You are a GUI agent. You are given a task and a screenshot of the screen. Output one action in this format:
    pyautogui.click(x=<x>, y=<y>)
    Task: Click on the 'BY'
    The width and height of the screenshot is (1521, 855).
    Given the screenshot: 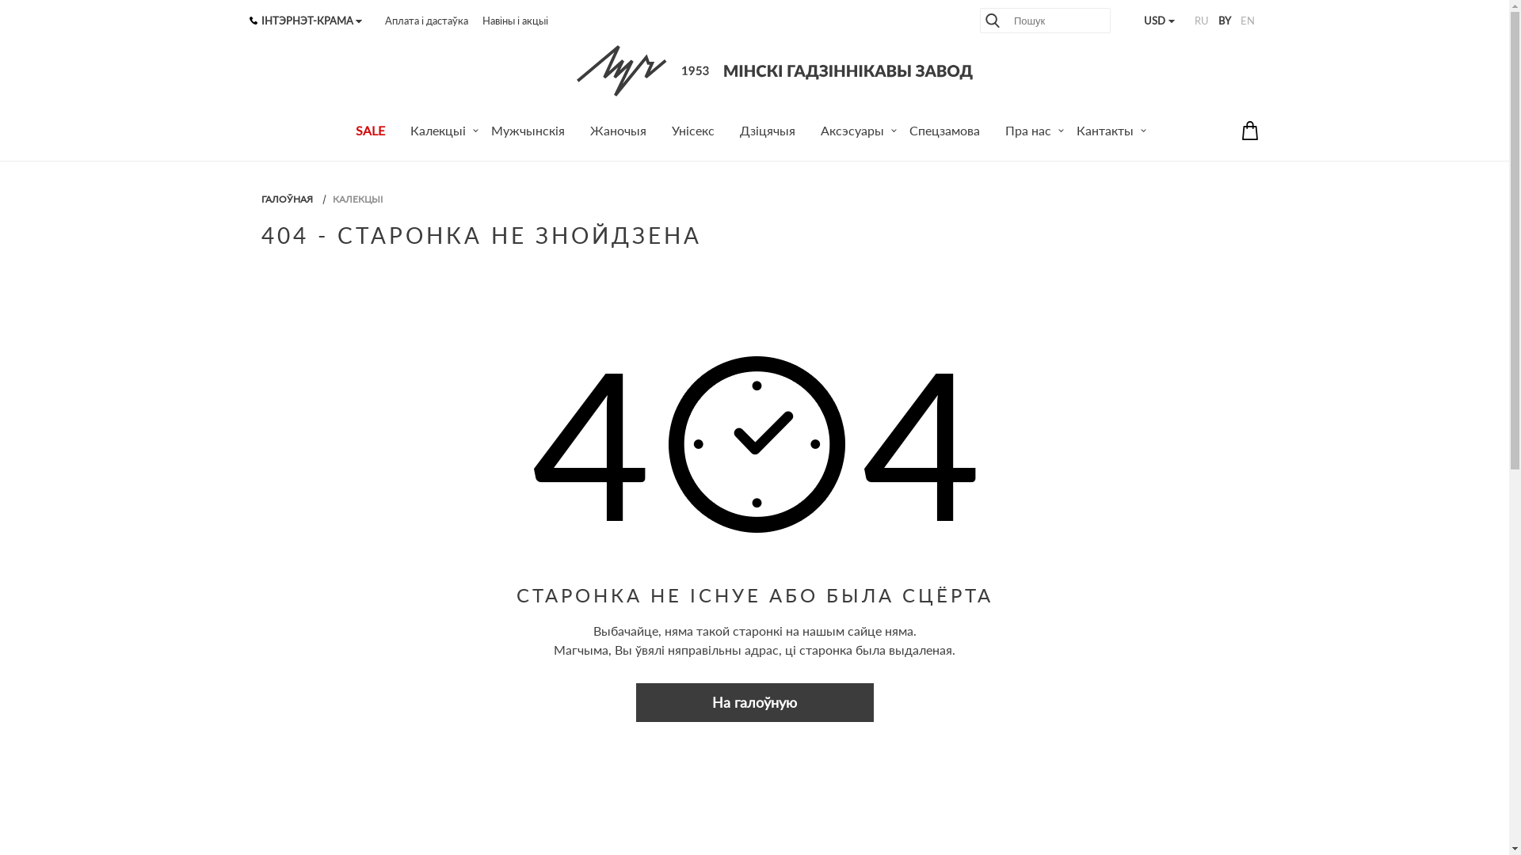 What is the action you would take?
    pyautogui.click(x=1223, y=21)
    